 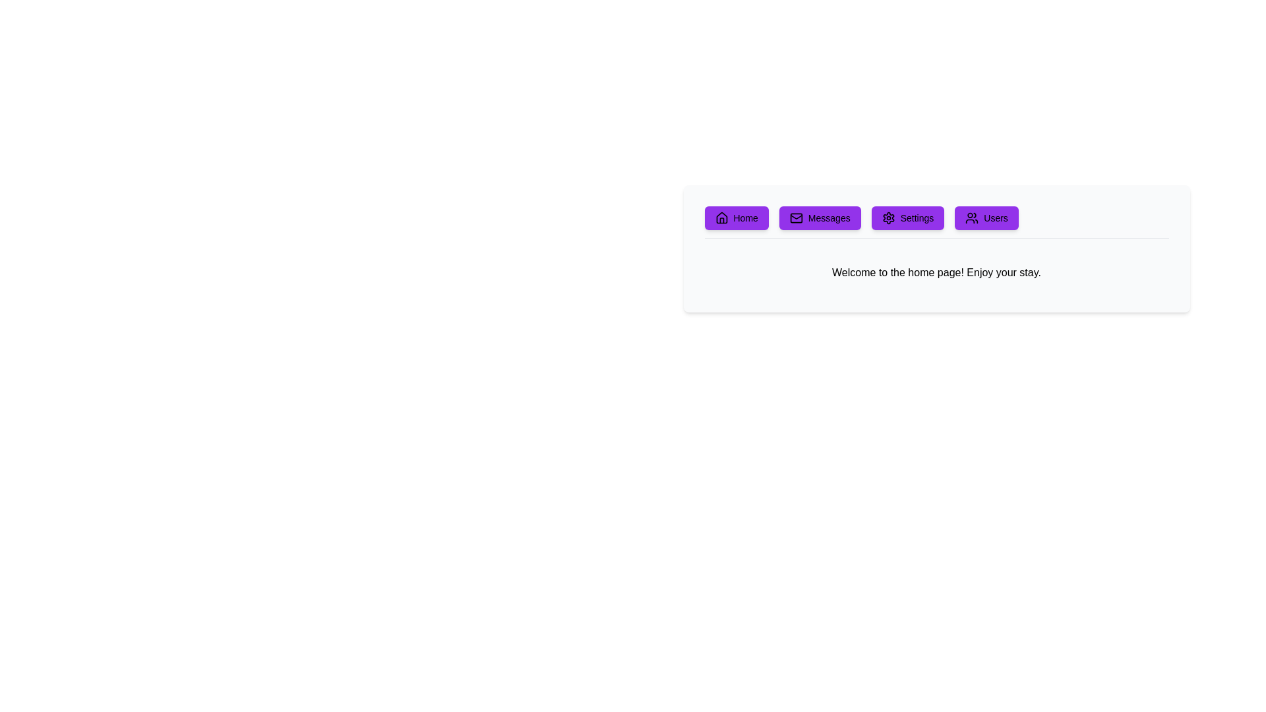 What do you see at coordinates (888, 218) in the screenshot?
I see `the gear icon within the 'Settings' button, which is styled with a purple background and white foreground` at bounding box center [888, 218].